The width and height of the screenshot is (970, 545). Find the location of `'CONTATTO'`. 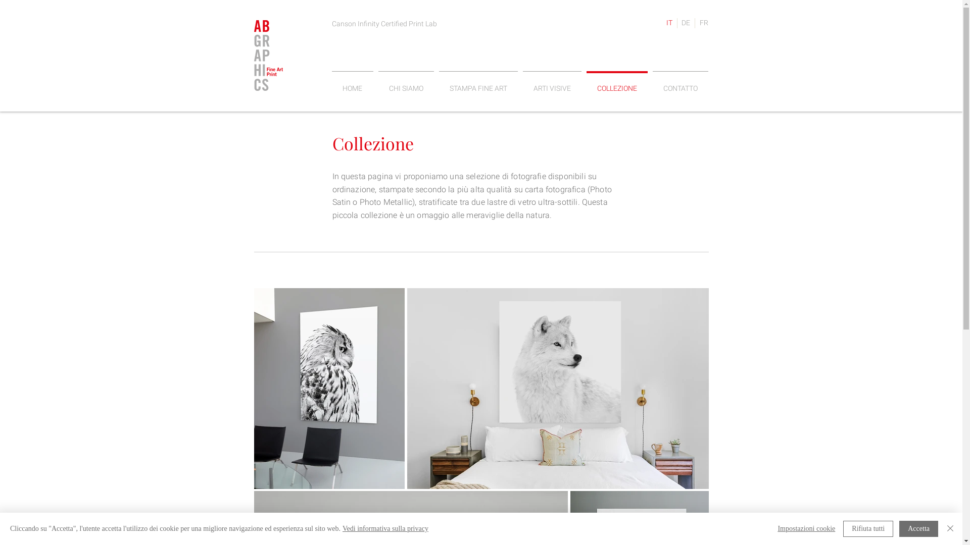

'CONTATTO' is located at coordinates (680, 83).